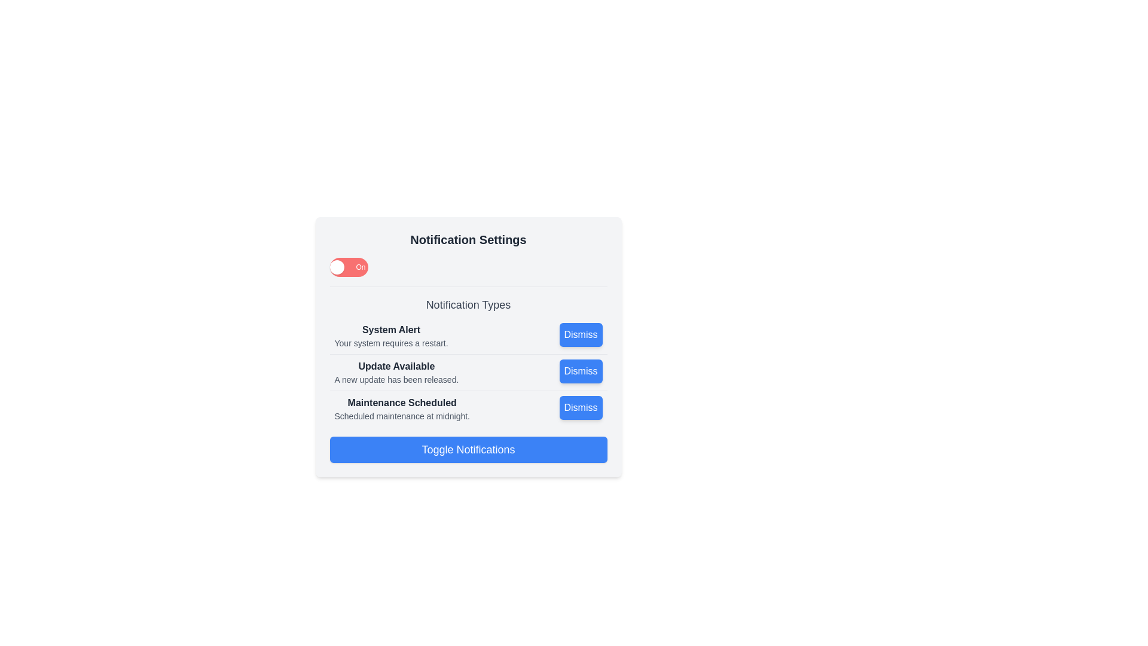  Describe the element at coordinates (348, 267) in the screenshot. I see `the toggle switch for notifications located beneath the 'Notification Settings' title to receive additional visual feedback` at that location.